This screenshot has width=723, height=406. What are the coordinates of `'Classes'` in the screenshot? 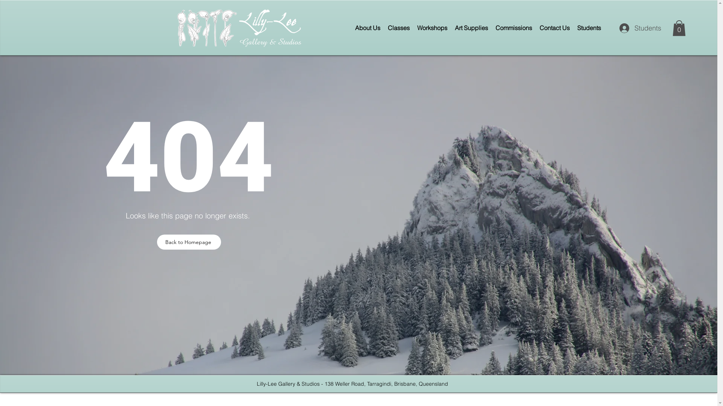 It's located at (398, 27).